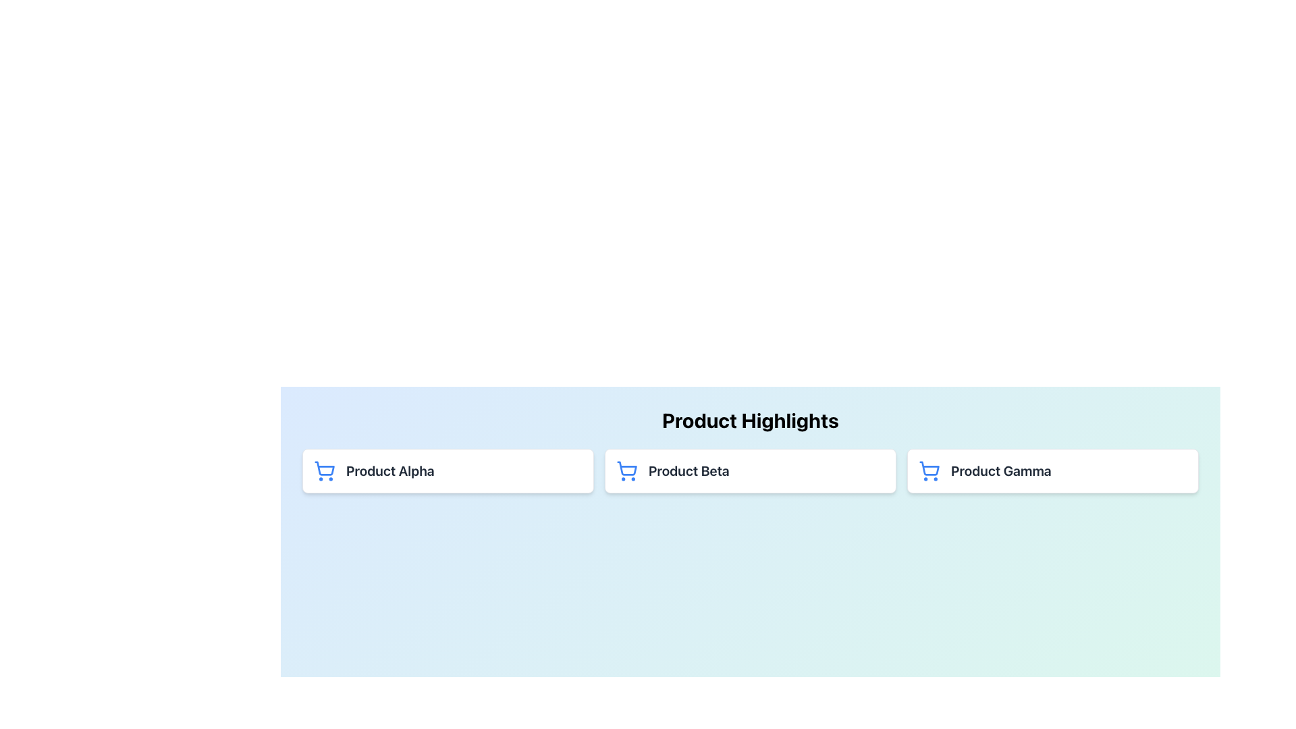 Image resolution: width=1296 pixels, height=729 pixels. Describe the element at coordinates (1001, 470) in the screenshot. I see `text label identifying 'Product Gamma', which is the rightmost label in a row of product descriptions under 'Product Highlights'` at that location.